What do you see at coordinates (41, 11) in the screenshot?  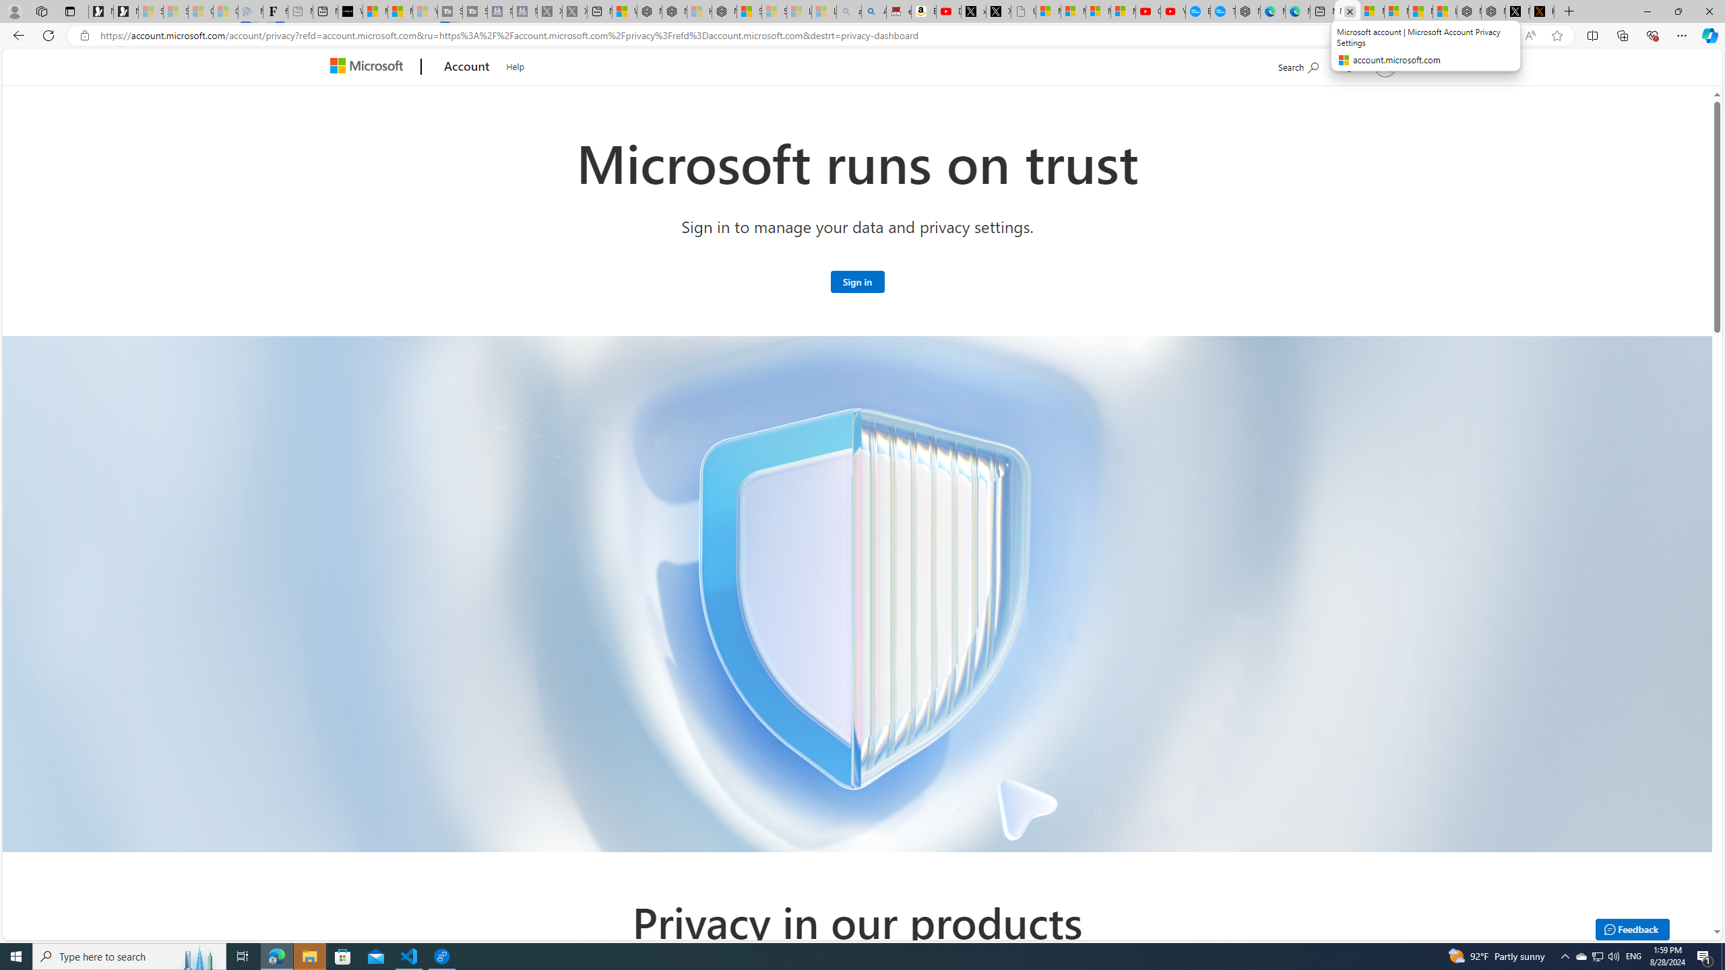 I see `'Workspaces'` at bounding box center [41, 11].